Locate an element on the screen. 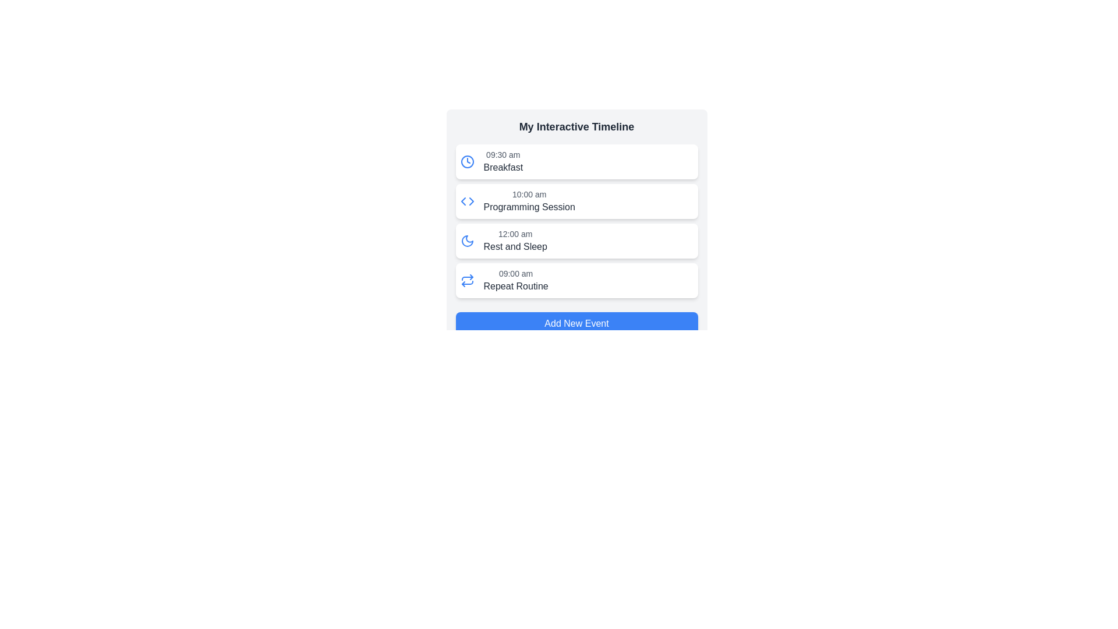 The height and width of the screenshot is (629, 1118). the blue button labeled 'Add New Event' located at the bottom of the timeline component is located at coordinates (576, 323).